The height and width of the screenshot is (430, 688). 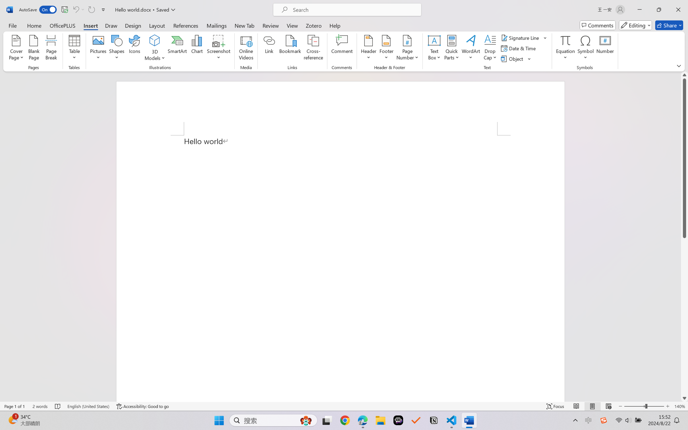 What do you see at coordinates (90, 25) in the screenshot?
I see `'Insert'` at bounding box center [90, 25].